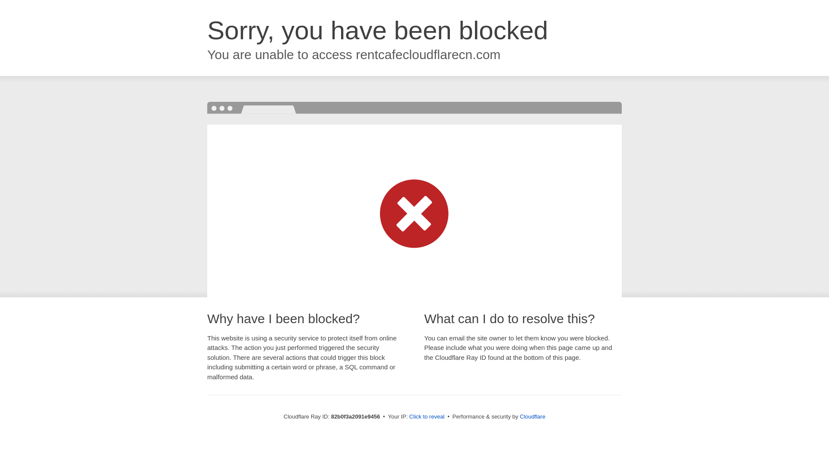  I want to click on 'Click to reveal', so click(427, 416).